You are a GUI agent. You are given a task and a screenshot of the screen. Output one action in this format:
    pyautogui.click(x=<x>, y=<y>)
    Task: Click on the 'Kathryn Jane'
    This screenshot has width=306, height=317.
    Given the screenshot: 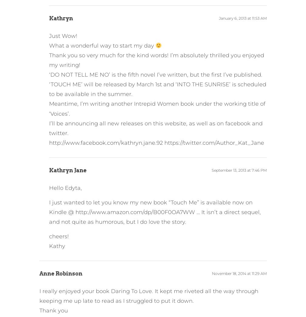 What is the action you would take?
    pyautogui.click(x=67, y=170)
    